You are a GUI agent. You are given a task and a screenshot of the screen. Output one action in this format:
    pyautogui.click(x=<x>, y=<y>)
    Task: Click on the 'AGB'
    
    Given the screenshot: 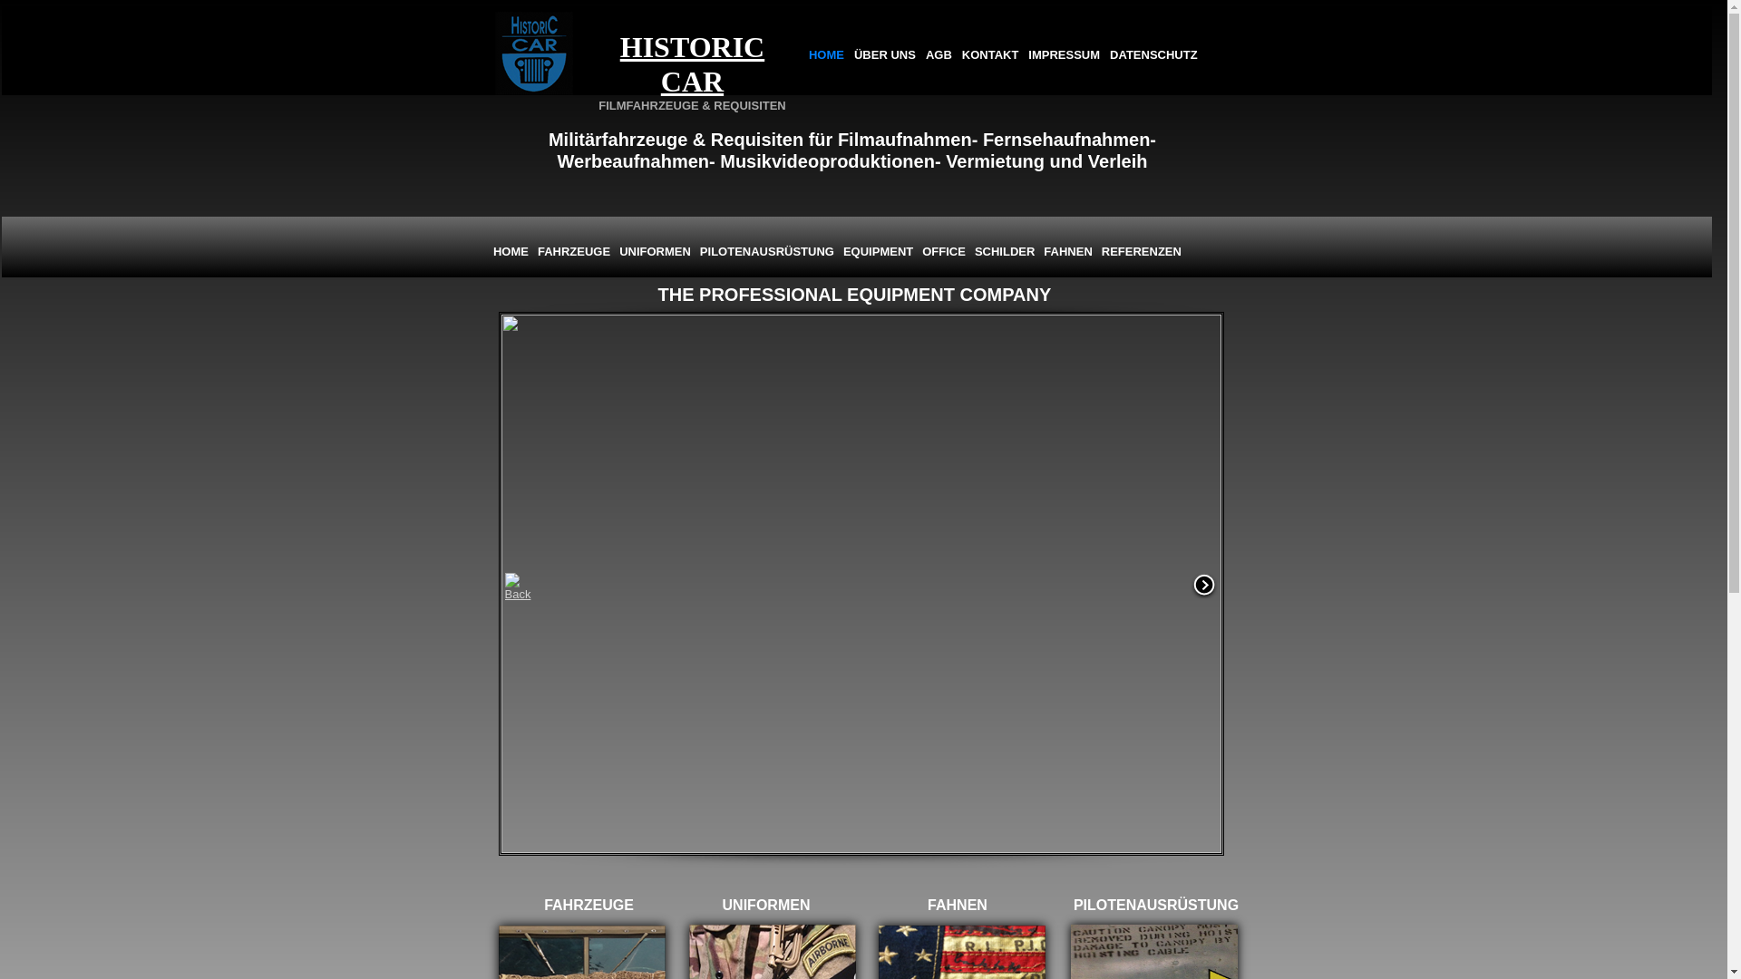 What is the action you would take?
    pyautogui.click(x=939, y=54)
    